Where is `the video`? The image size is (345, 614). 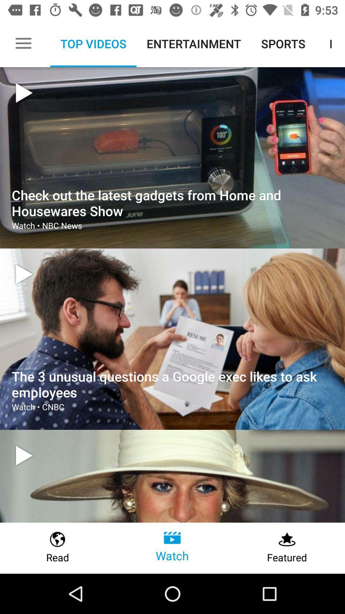
the video is located at coordinates (24, 455).